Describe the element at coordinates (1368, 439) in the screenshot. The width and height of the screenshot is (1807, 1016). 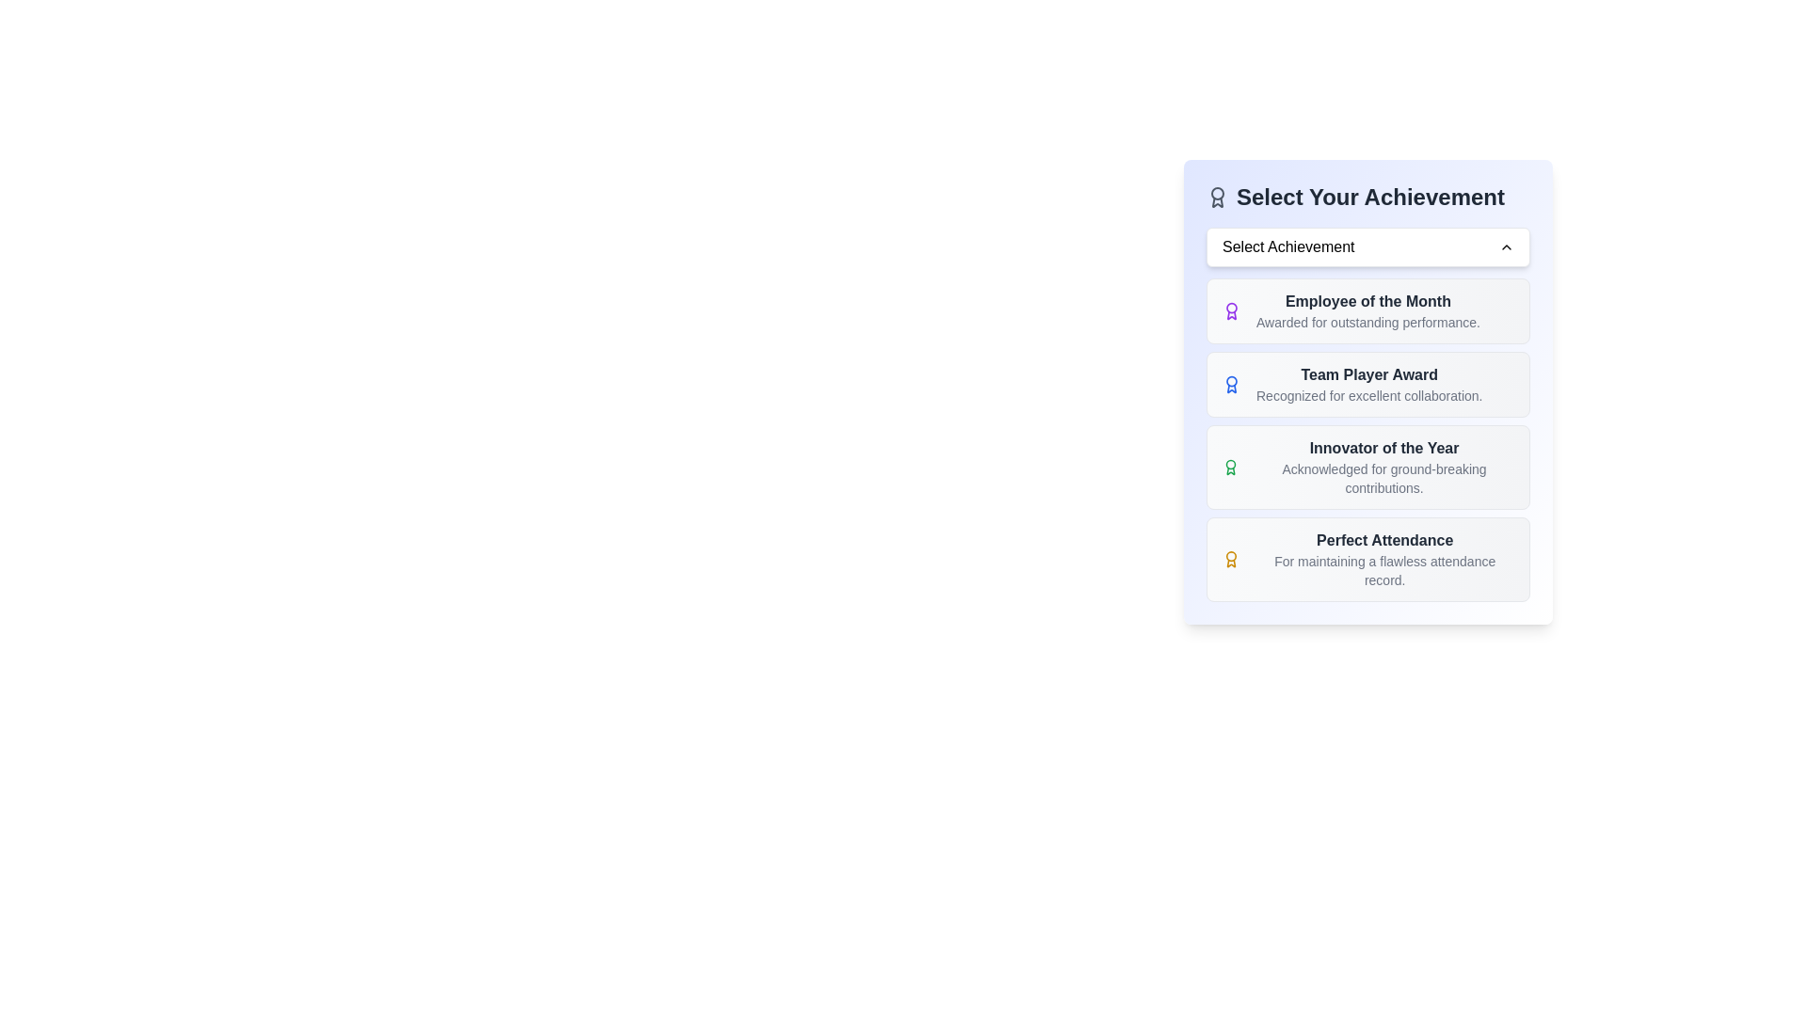
I see `the 'Innovator of the Year' award card located in the 'Select Your Achievement' section` at that location.